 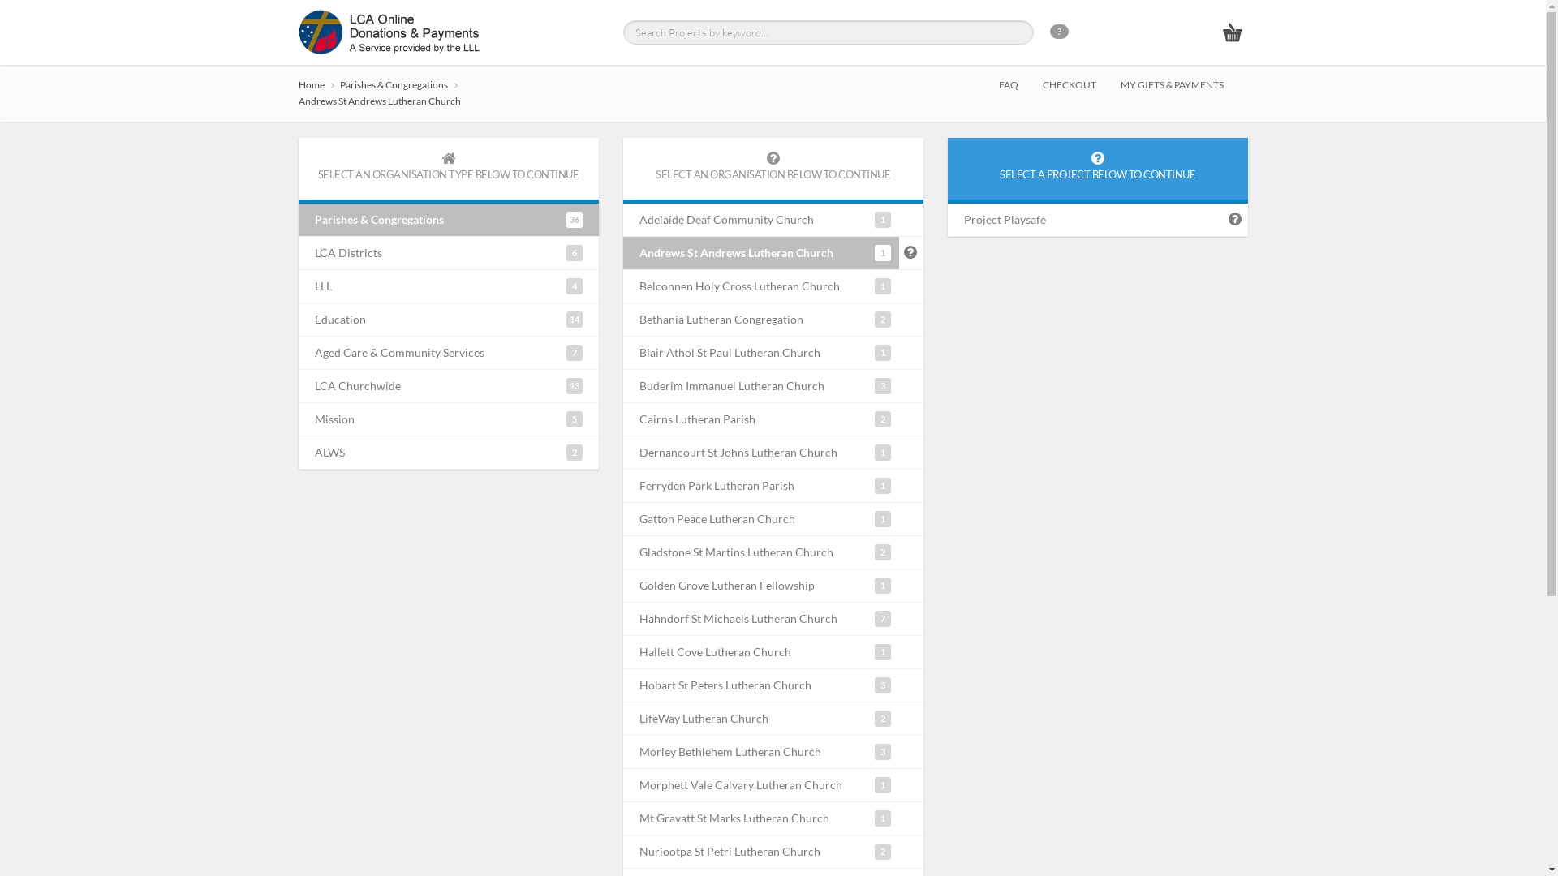 What do you see at coordinates (1080, 84) in the screenshot?
I see `'CHECKOUT'` at bounding box center [1080, 84].